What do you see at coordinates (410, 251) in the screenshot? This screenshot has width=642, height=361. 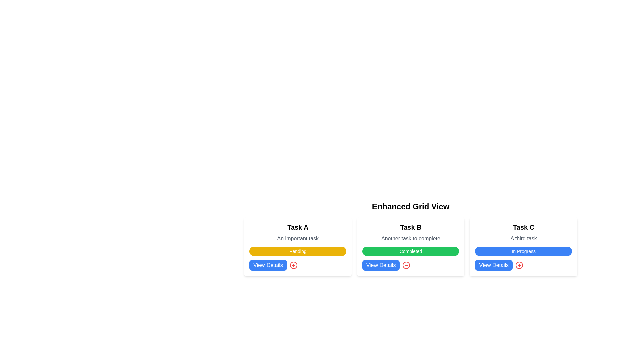 I see `the non-interactive status indication button labeled 'Completed' with a green background, which is located within the Task B card, positioned between the description text 'Another task to complete' and the 'View Details' controls` at bounding box center [410, 251].